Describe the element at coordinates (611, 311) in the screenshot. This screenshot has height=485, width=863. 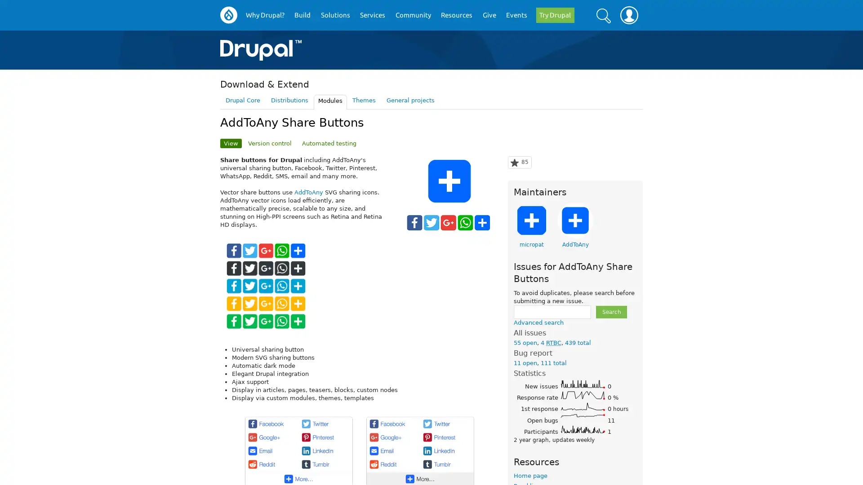
I see `Search` at that location.